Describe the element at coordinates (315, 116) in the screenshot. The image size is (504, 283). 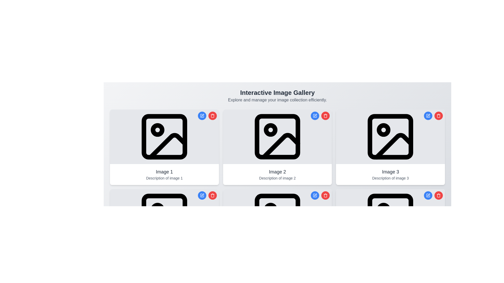
I see `the editing button located in the top-right corner of the card for the 'Image 2' entry` at that location.